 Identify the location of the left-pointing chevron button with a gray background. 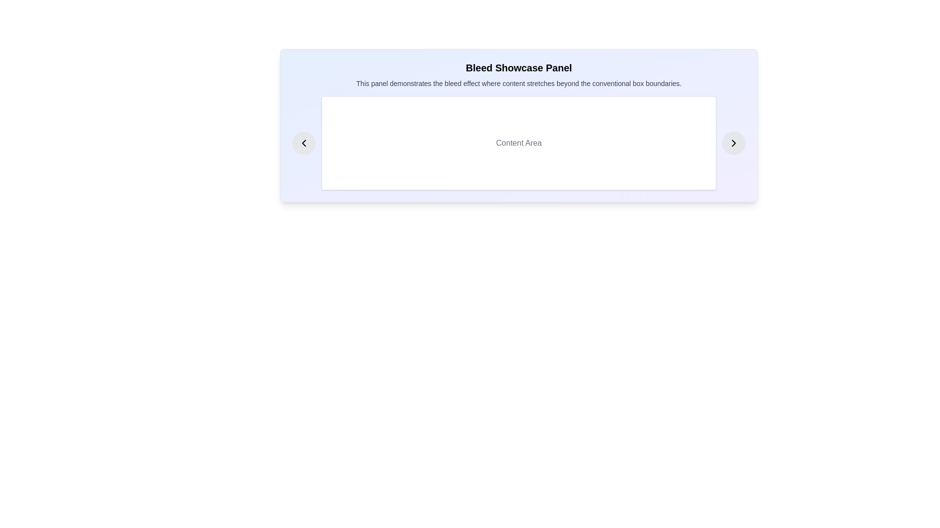
(303, 143).